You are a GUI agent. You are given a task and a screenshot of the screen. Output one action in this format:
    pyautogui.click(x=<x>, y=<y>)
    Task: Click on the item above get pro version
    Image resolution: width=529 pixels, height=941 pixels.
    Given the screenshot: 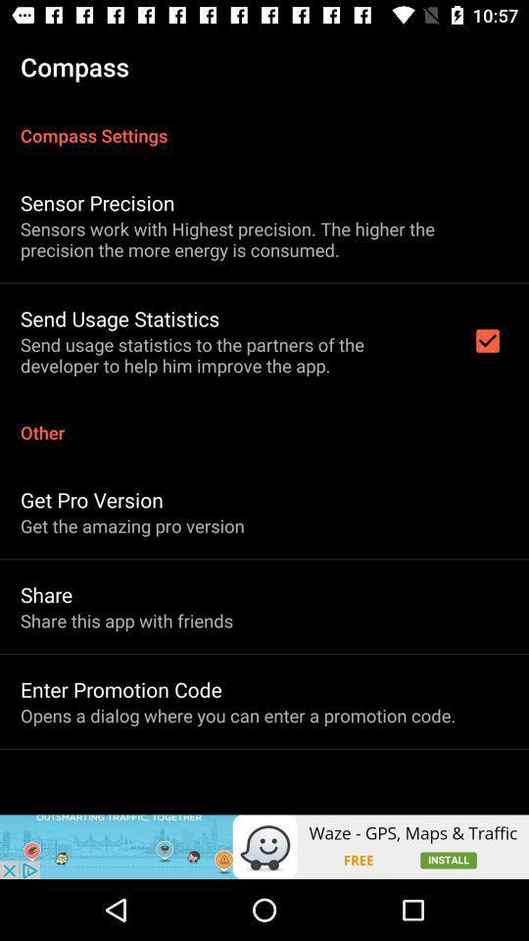 What is the action you would take?
    pyautogui.click(x=264, y=421)
    